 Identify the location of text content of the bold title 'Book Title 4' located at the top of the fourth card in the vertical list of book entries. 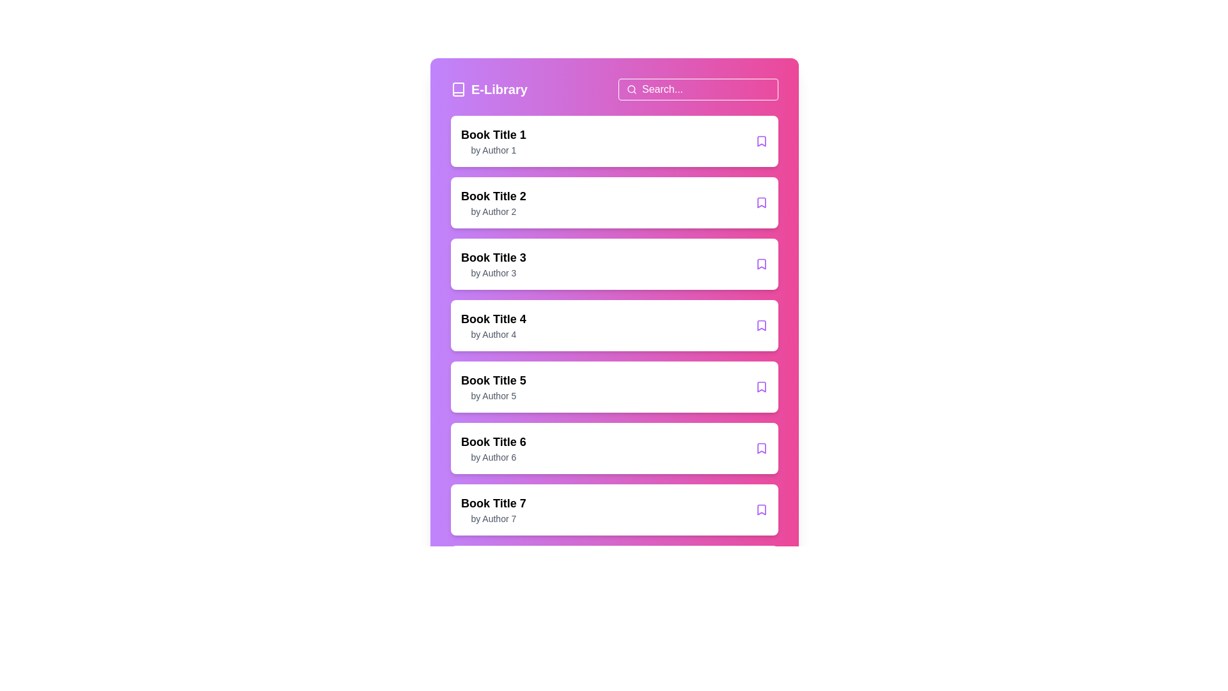
(492, 318).